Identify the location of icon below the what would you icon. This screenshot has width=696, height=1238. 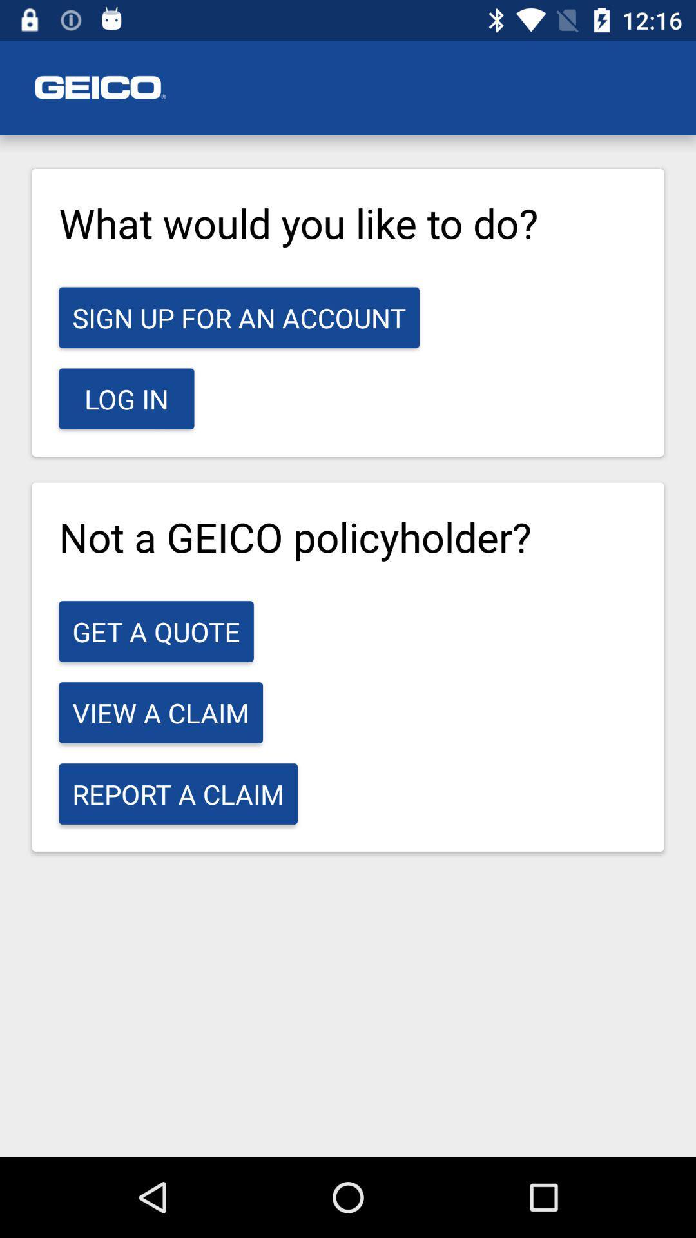
(239, 317).